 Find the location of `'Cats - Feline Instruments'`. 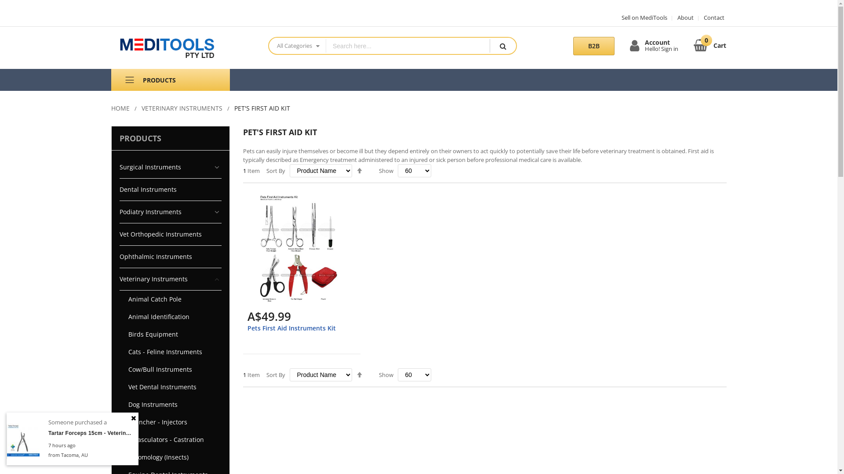

'Cats - Feline Instruments' is located at coordinates (171, 352).